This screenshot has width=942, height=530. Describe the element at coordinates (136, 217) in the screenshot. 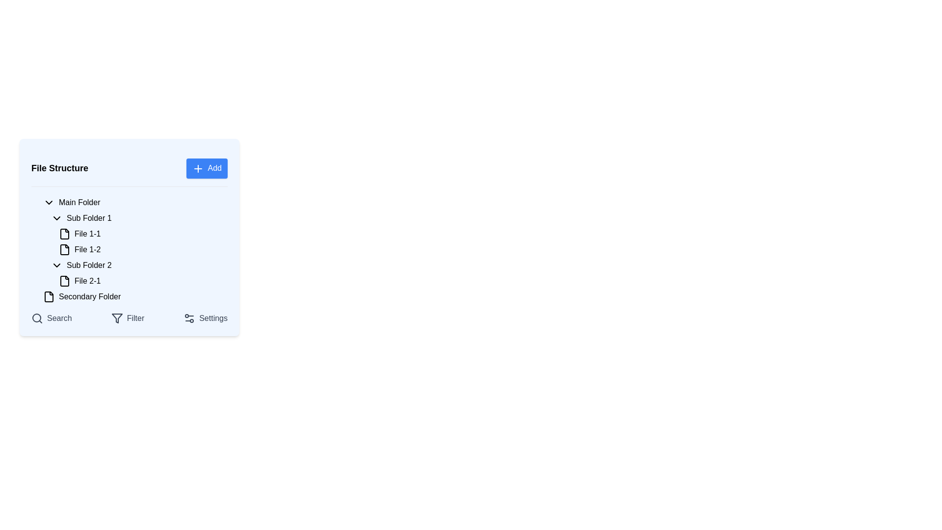

I see `the 'Sub Folder 1' entry in the file structure` at that location.